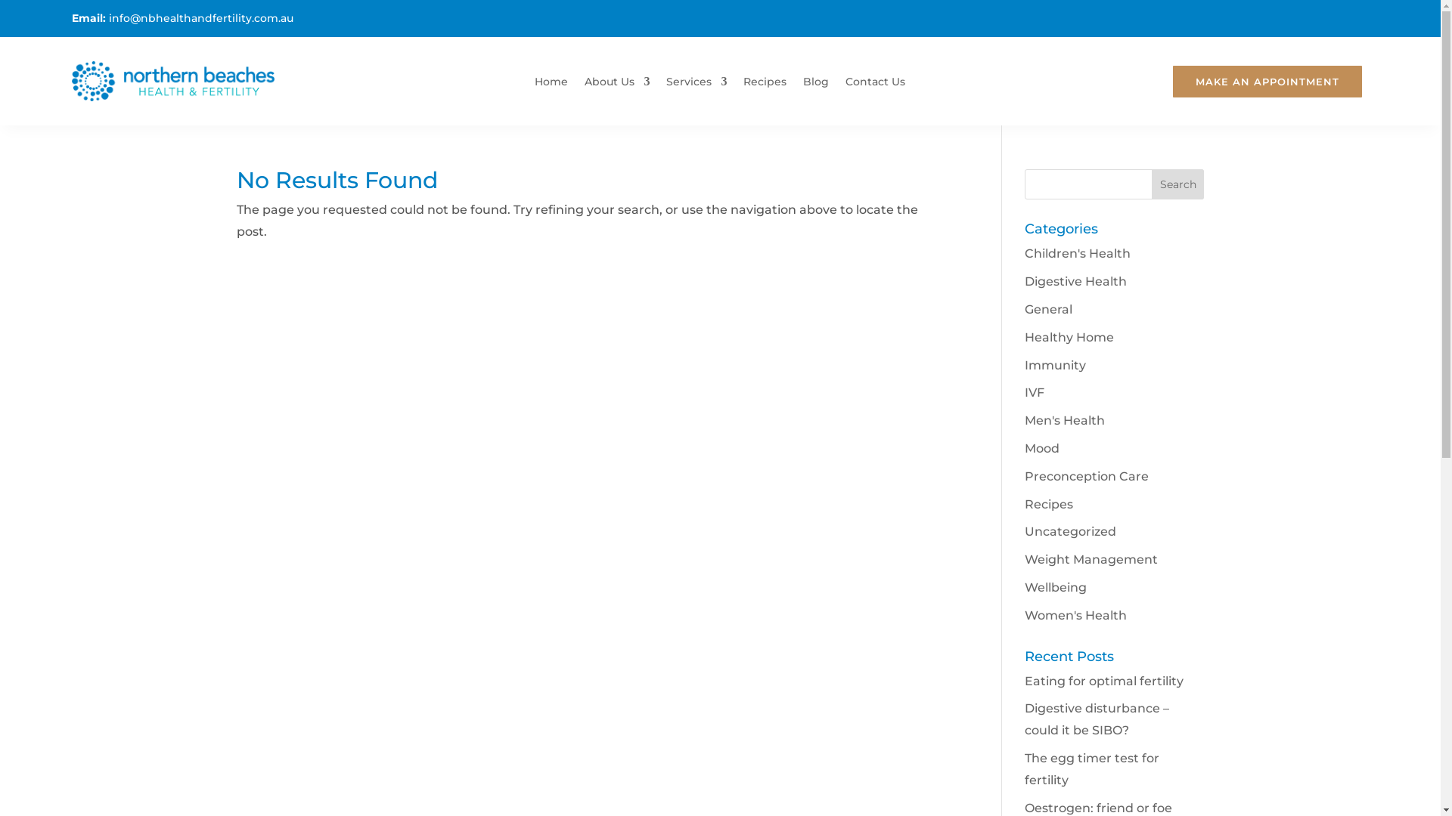 The image size is (1452, 816). What do you see at coordinates (1063, 420) in the screenshot?
I see `'Men's Health'` at bounding box center [1063, 420].